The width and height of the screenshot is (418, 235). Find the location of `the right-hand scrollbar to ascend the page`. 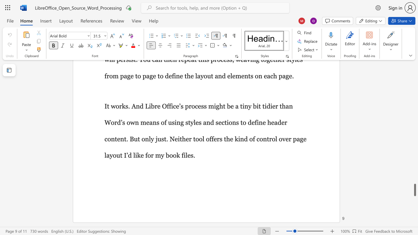

the right-hand scrollbar to ascend the page is located at coordinates (414, 169).